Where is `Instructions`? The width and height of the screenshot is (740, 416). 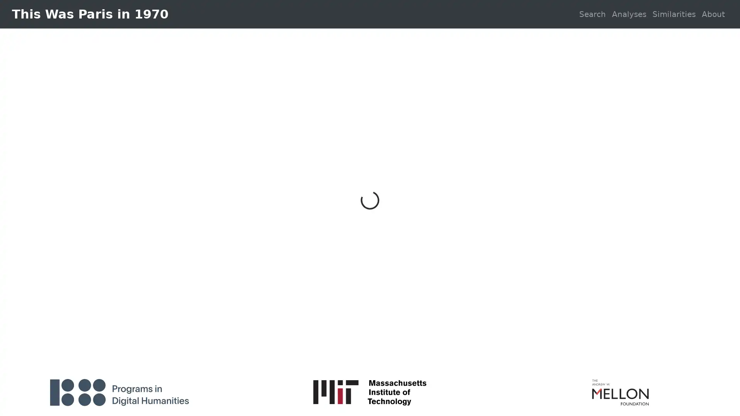
Instructions is located at coordinates (715, 356).